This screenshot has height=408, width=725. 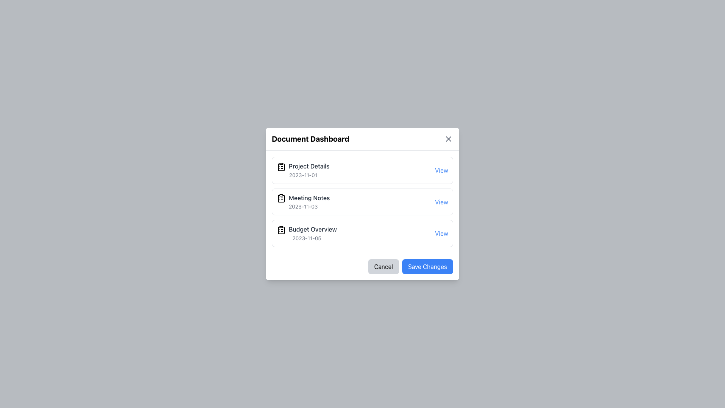 What do you see at coordinates (309, 165) in the screenshot?
I see `the 'Project Details' label, which is the first text item in a vertical list within a modal dialog, displayed in medium gray on a white background` at bounding box center [309, 165].